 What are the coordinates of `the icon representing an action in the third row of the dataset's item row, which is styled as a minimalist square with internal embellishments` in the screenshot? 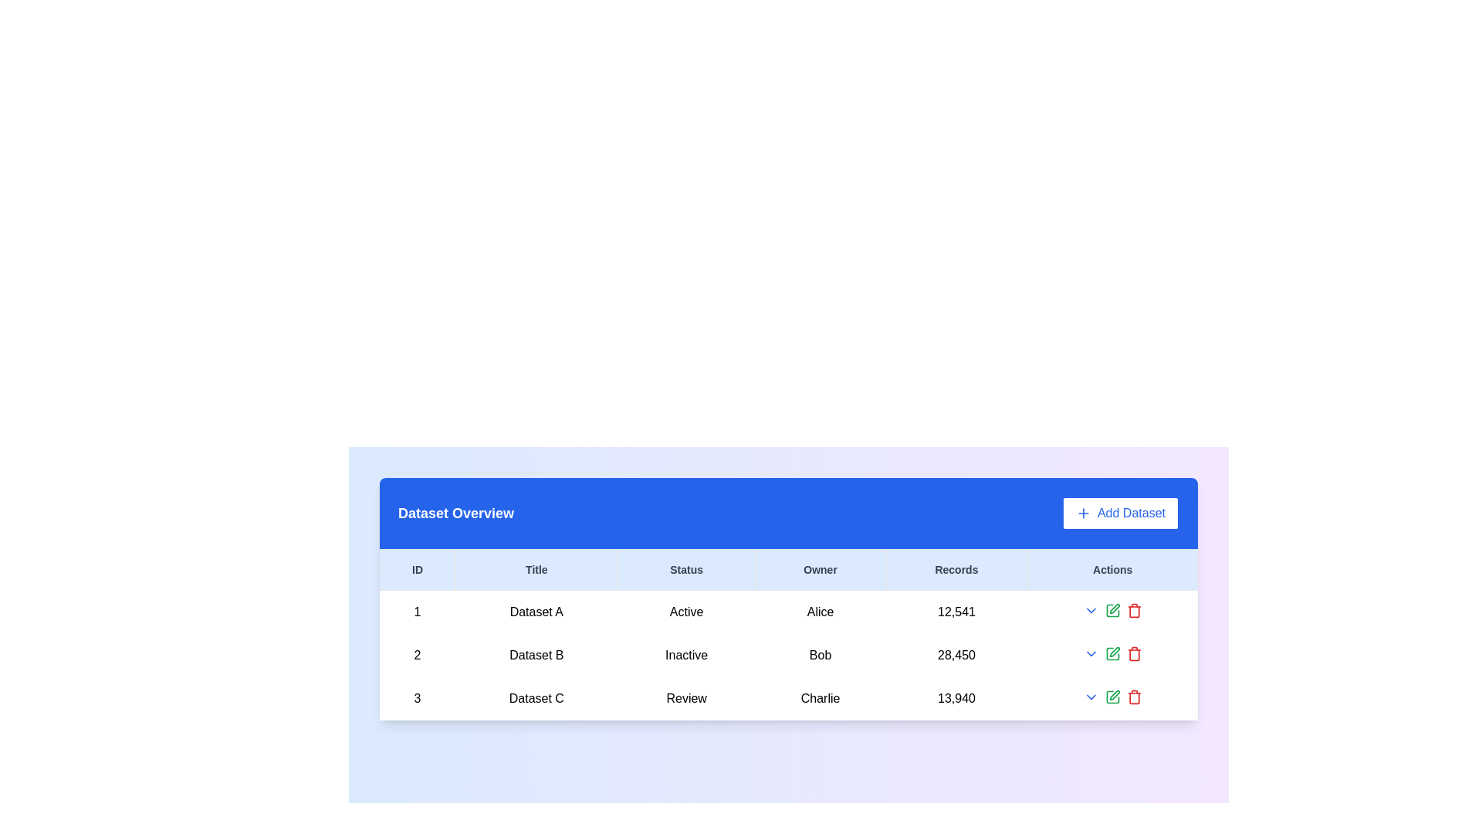 It's located at (1112, 697).